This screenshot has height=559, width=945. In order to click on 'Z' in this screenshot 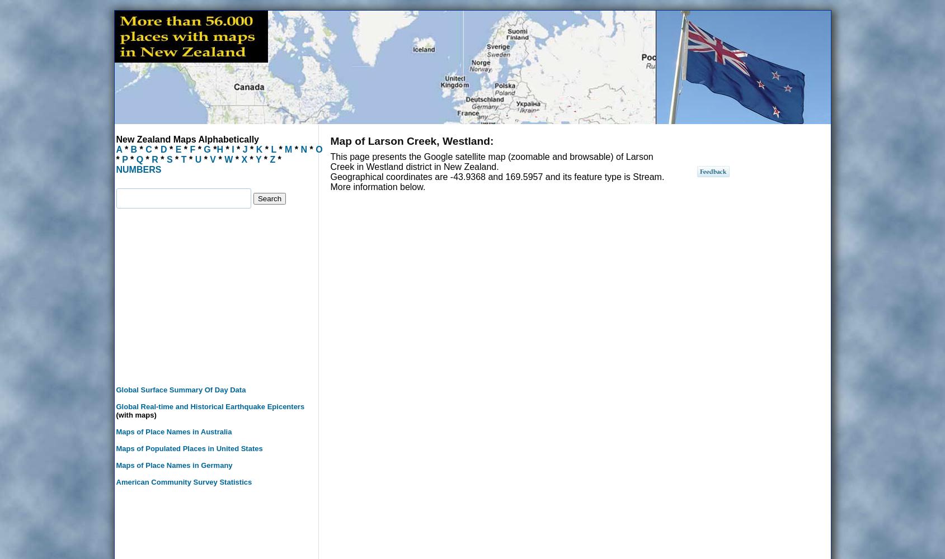, I will do `click(272, 159)`.